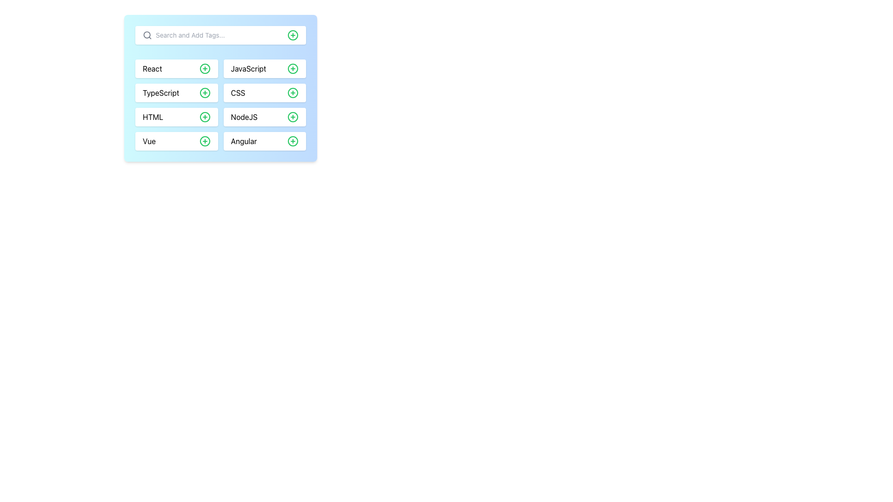 This screenshot has height=502, width=893. I want to click on the green circular button with a plus symbol, located at the far right of the search bar interface, so click(292, 35).